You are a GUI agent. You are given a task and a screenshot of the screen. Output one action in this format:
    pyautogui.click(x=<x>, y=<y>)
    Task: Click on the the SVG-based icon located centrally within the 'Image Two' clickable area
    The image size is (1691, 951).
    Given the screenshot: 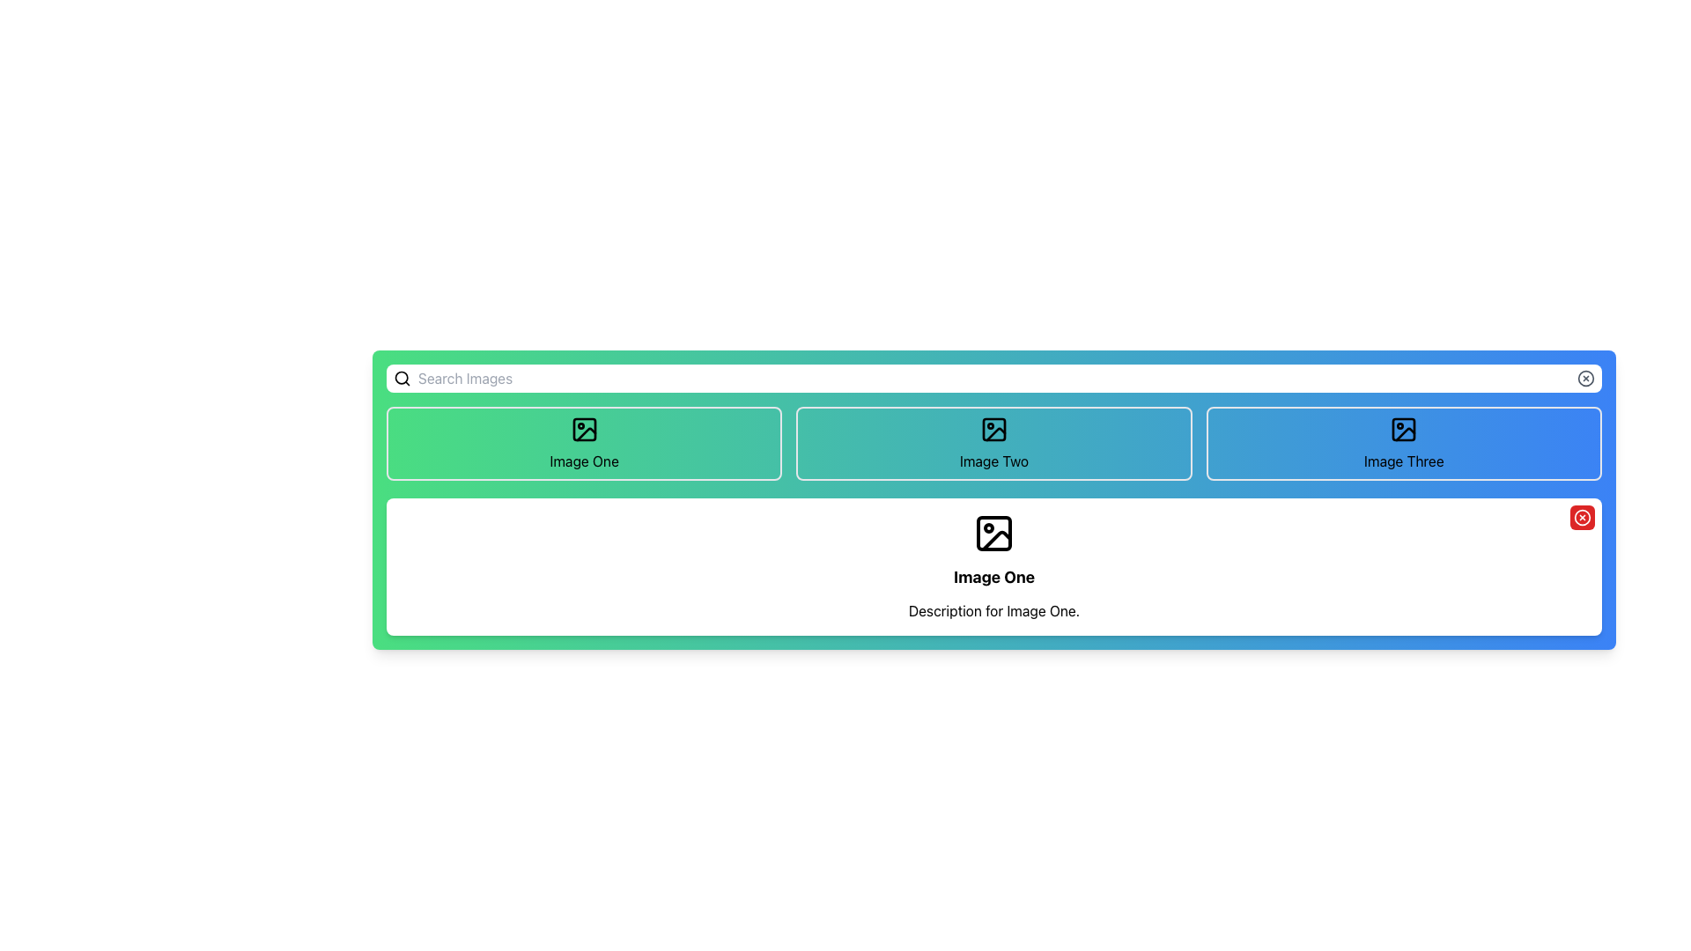 What is the action you would take?
    pyautogui.click(x=993, y=430)
    